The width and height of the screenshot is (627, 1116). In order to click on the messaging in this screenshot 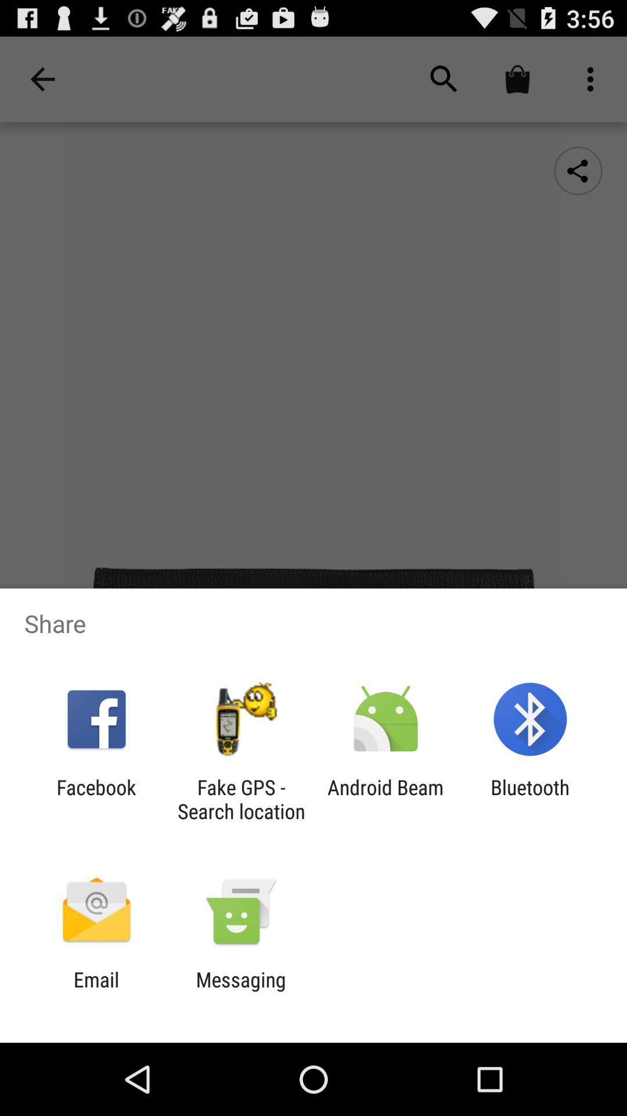, I will do `click(240, 991)`.